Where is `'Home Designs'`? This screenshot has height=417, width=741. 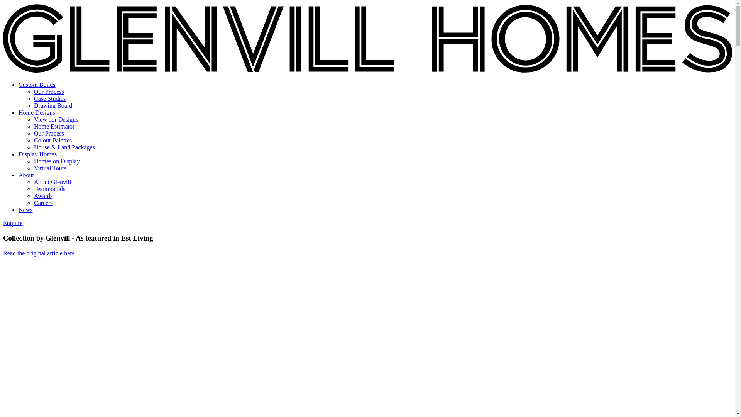 'Home Designs' is located at coordinates (36, 112).